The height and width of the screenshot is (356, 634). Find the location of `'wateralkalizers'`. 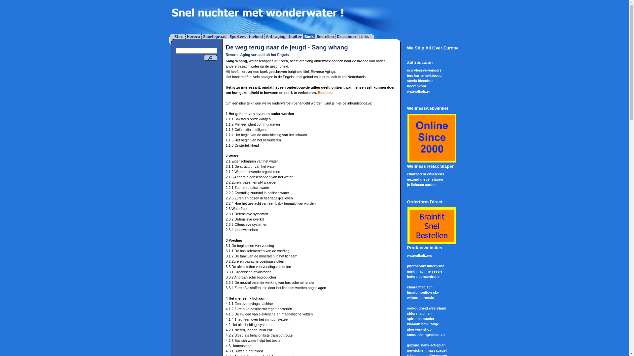

'wateralkalizers' is located at coordinates (419, 255).